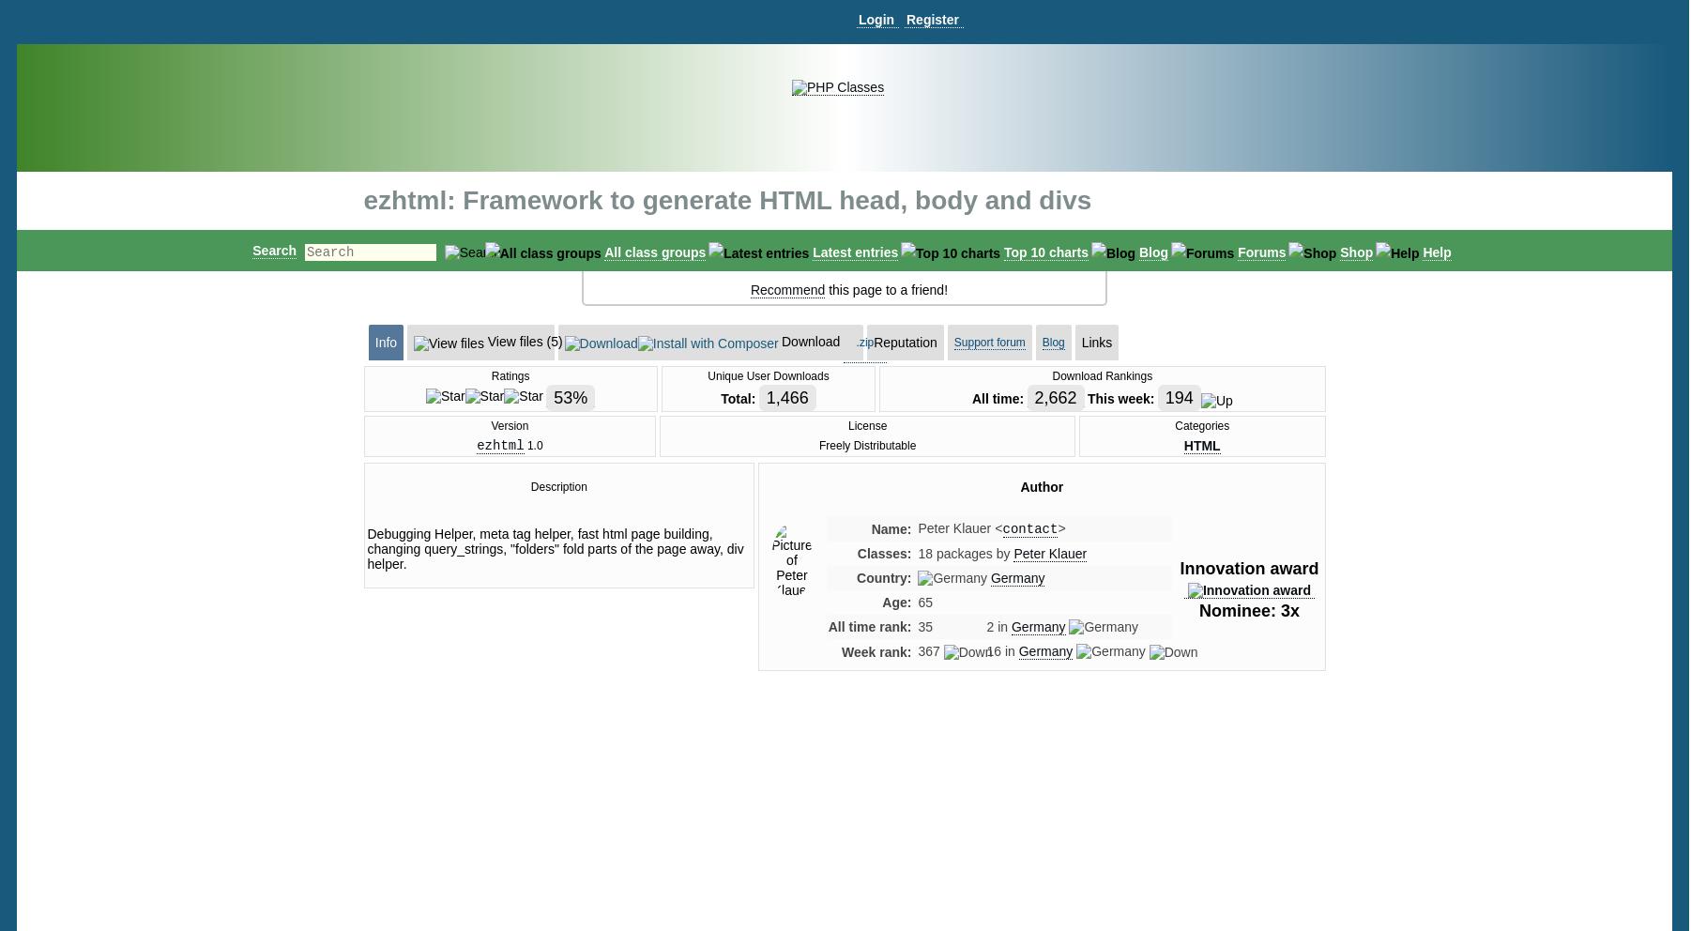 This screenshot has width=1691, height=931. What do you see at coordinates (863, 341) in the screenshot?
I see `'.zip'` at bounding box center [863, 341].